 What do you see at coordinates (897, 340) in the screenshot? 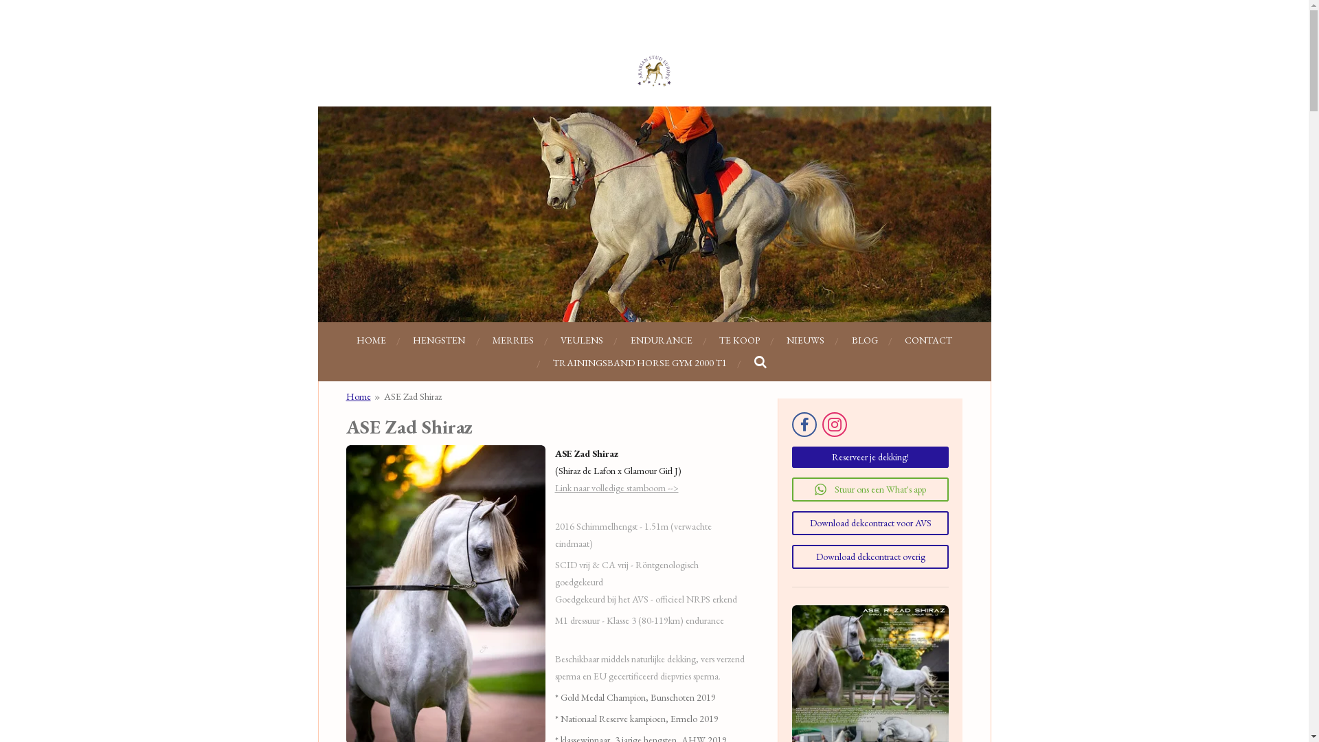
I see `'CONTACT'` at bounding box center [897, 340].